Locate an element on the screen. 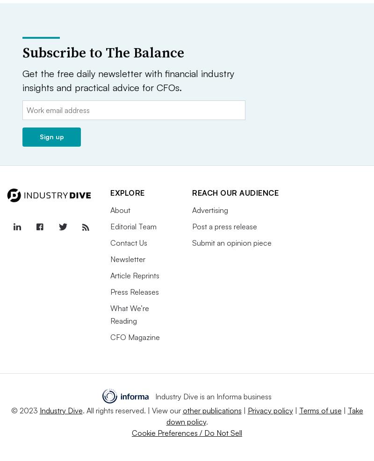 This screenshot has height=461, width=374. 'CFO Magazine' is located at coordinates (135, 336).